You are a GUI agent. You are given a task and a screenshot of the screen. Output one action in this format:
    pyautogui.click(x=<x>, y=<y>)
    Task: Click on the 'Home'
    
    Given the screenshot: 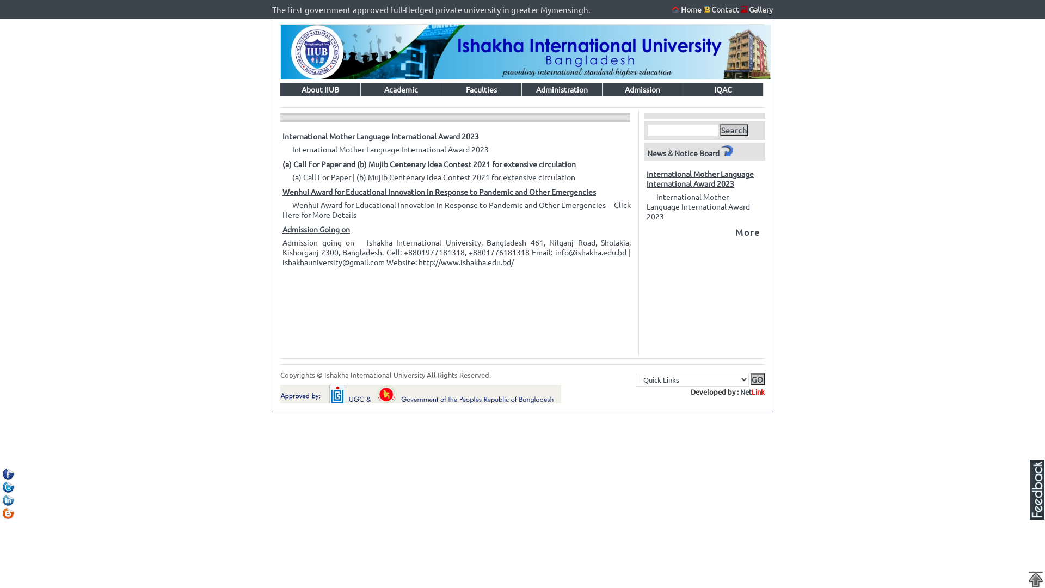 What is the action you would take?
    pyautogui.click(x=686, y=9)
    